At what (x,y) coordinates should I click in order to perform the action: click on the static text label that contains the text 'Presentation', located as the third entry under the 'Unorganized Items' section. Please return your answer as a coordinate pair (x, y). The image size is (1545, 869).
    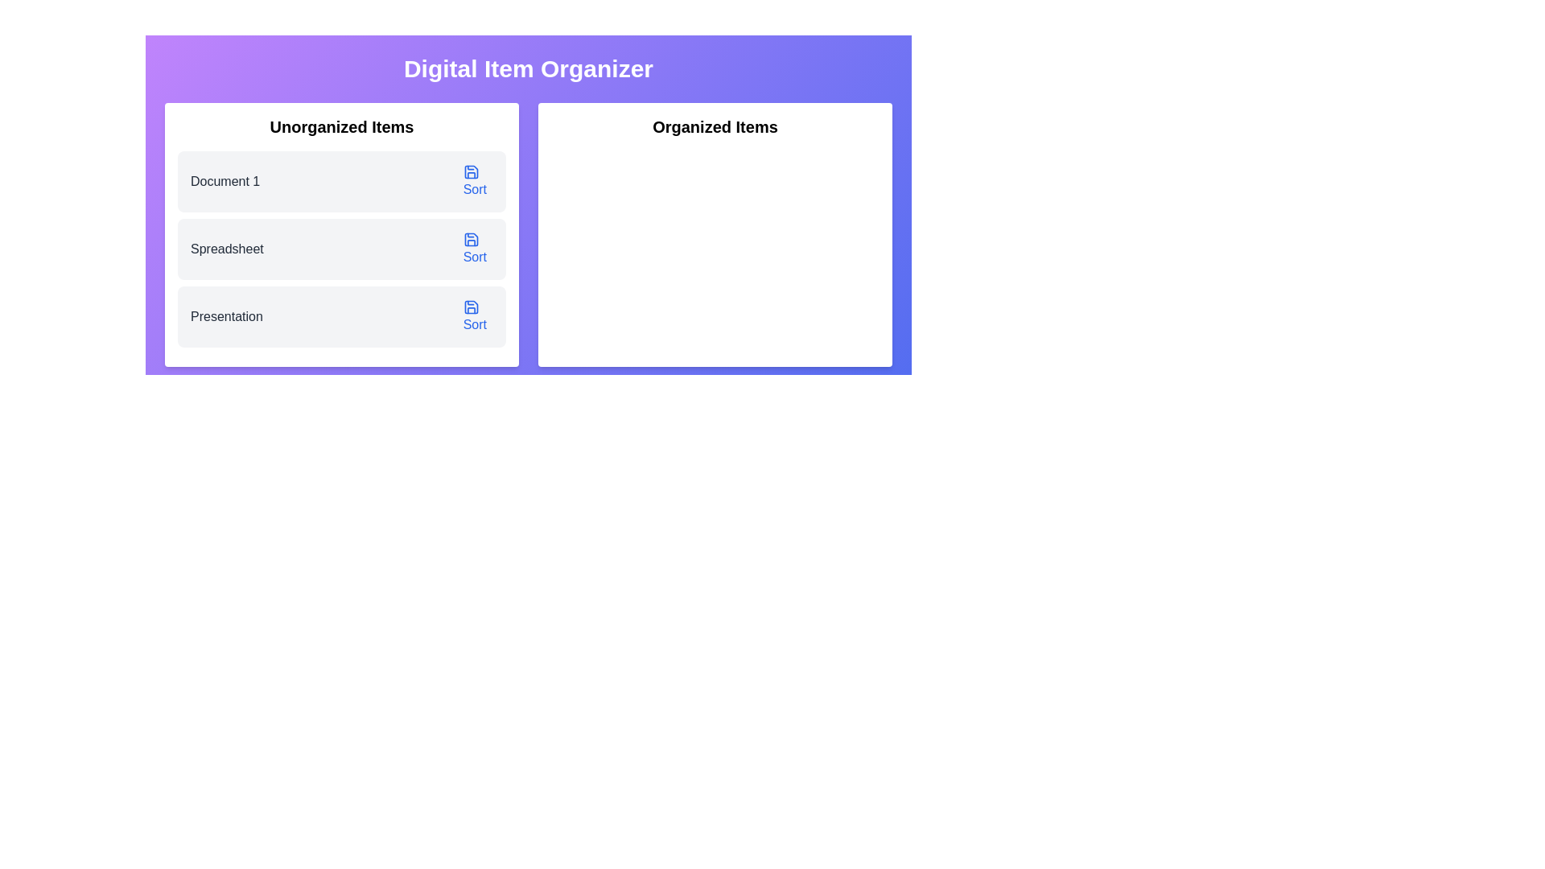
    Looking at the image, I should click on (225, 316).